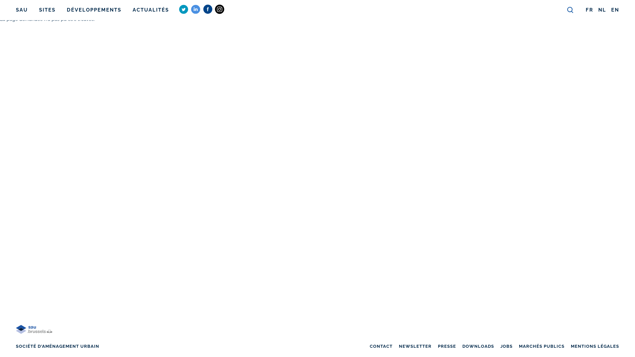 The height and width of the screenshot is (357, 635). What do you see at coordinates (478, 346) in the screenshot?
I see `'DOWNLOADS'` at bounding box center [478, 346].